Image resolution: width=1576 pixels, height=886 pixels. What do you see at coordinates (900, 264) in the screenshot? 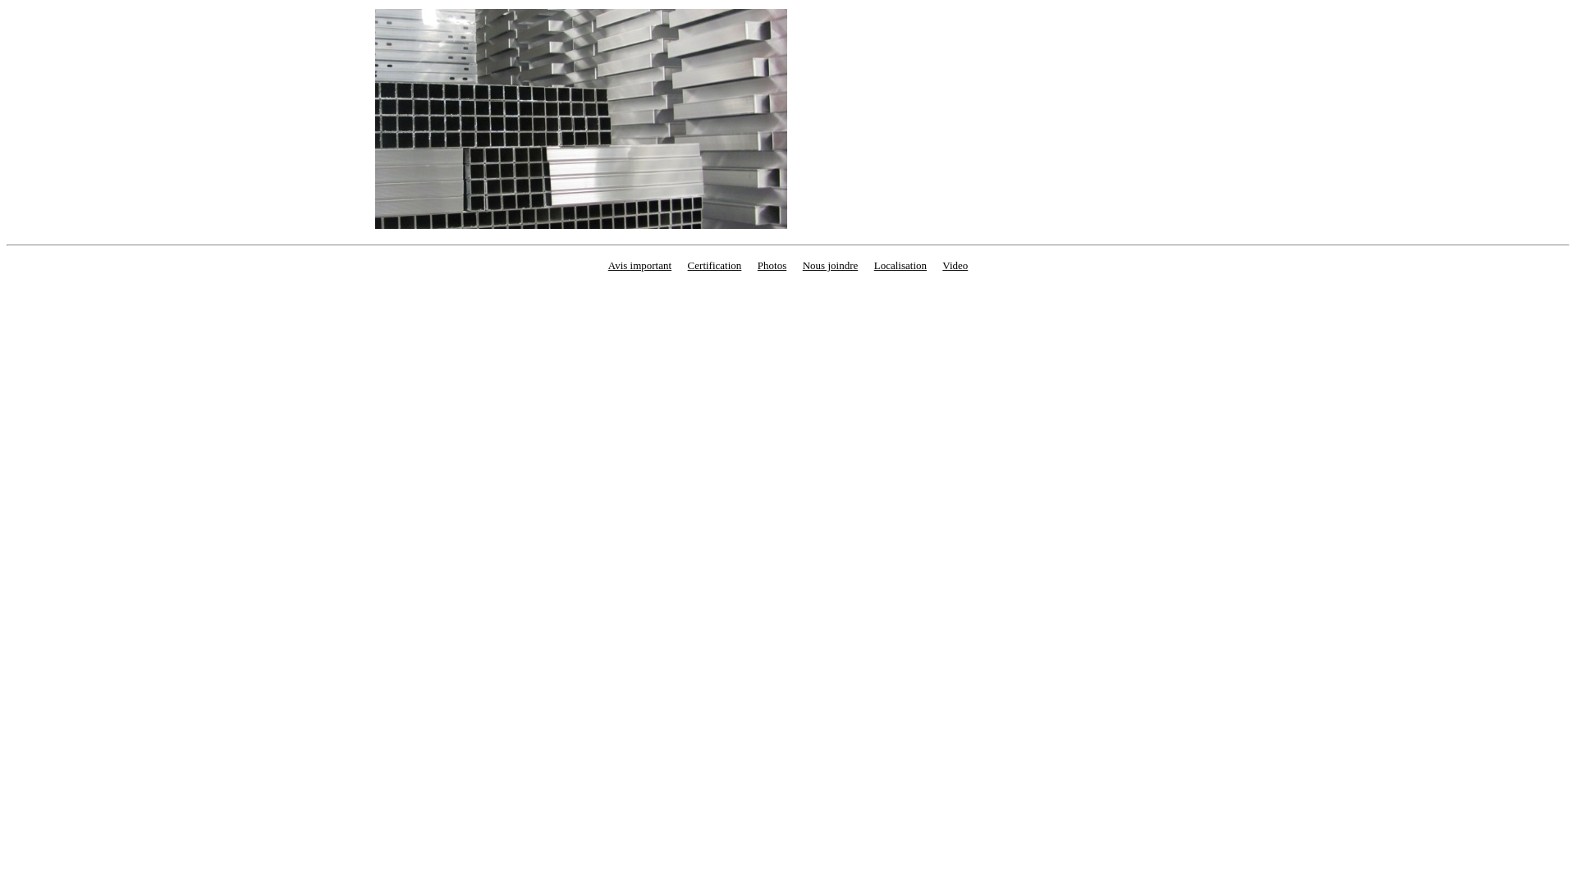
I see `'Localisation'` at bounding box center [900, 264].